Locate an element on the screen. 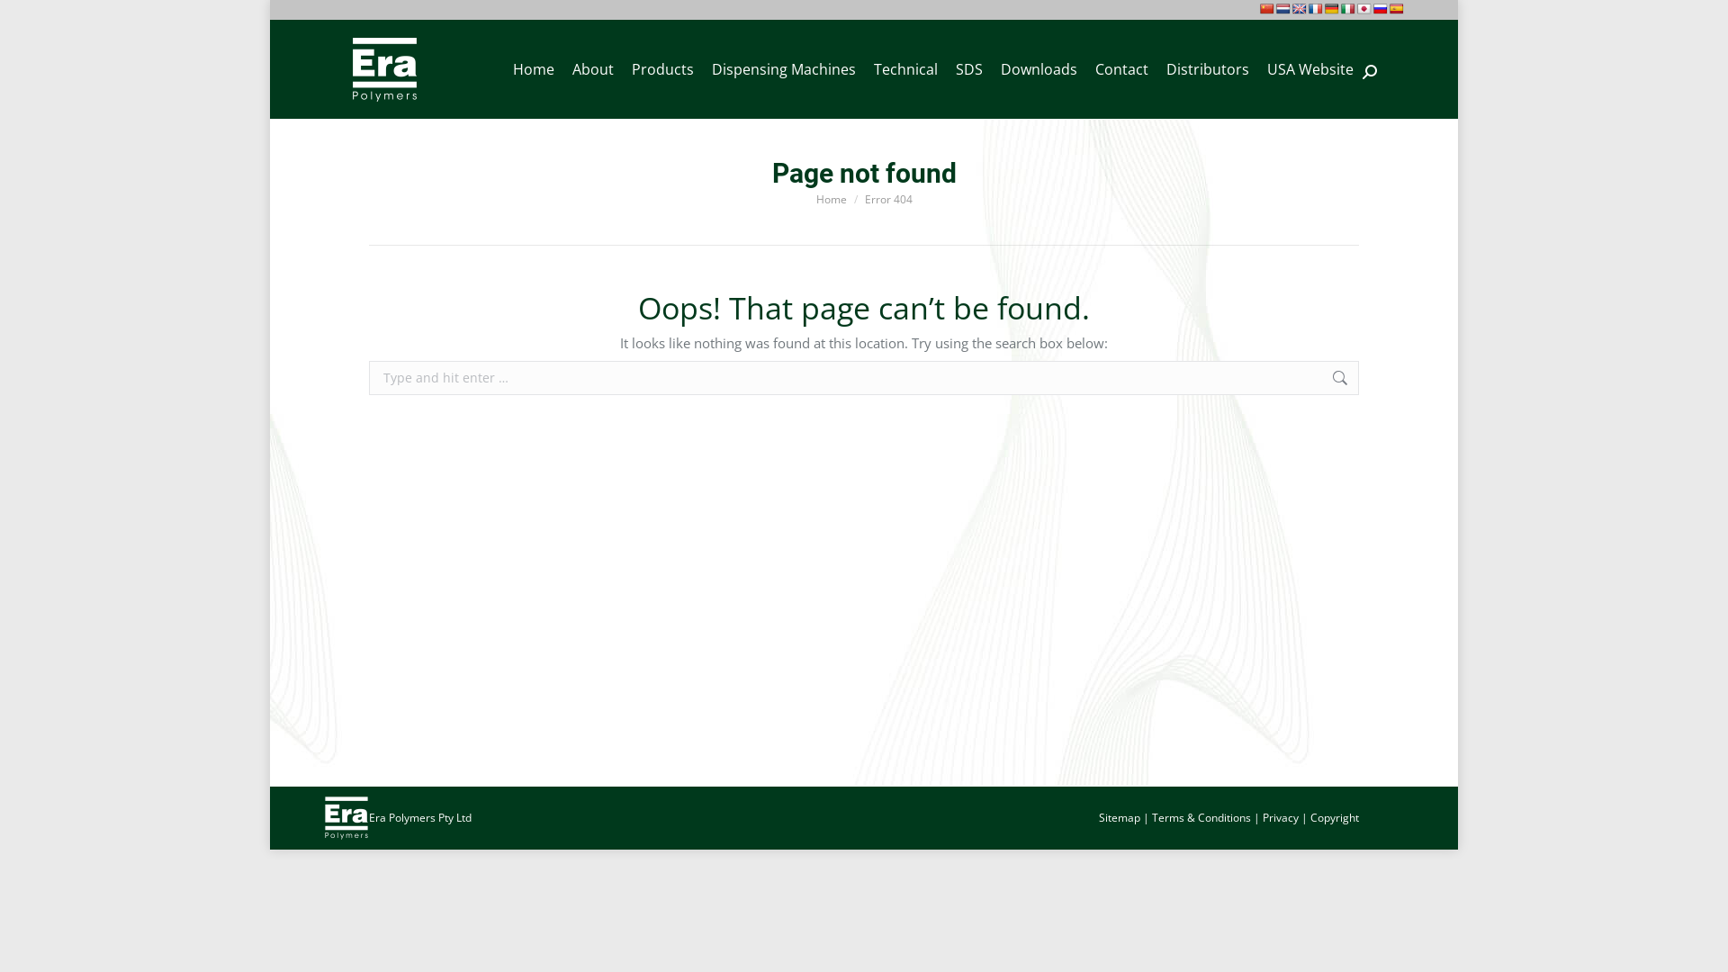  'Italian' is located at coordinates (1347, 9).